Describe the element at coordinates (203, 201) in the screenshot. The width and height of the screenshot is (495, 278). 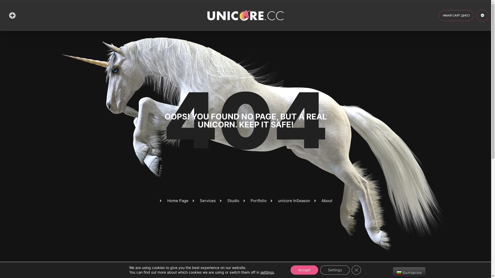
I see `'Services'` at that location.